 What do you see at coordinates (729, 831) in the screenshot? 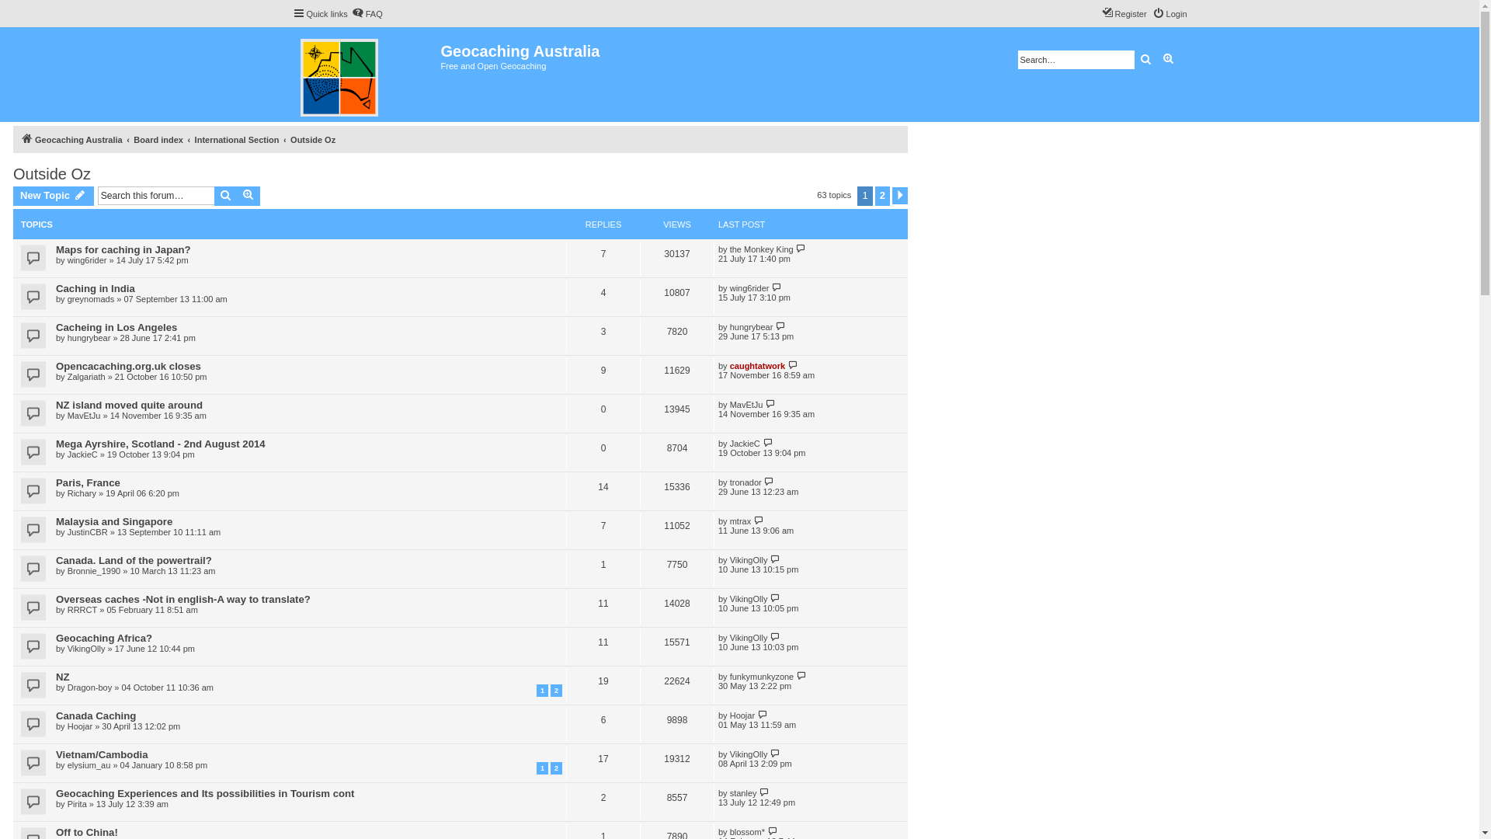
I see `'blossom*'` at bounding box center [729, 831].